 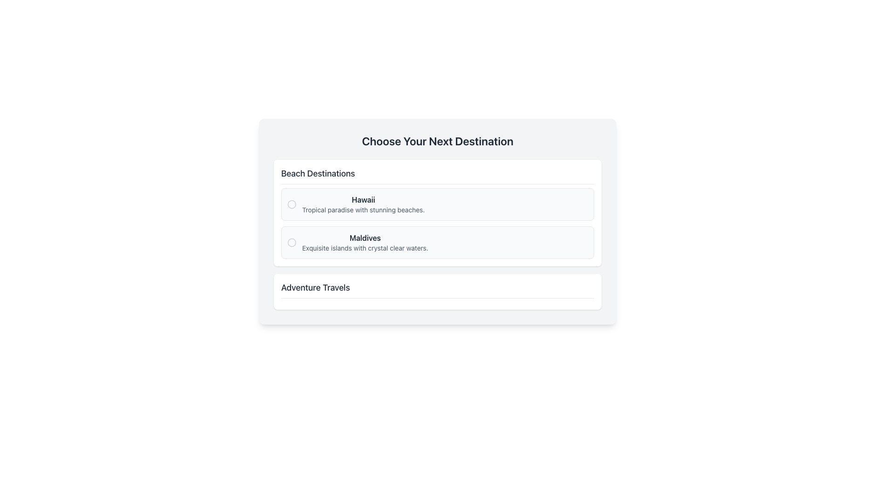 What do you see at coordinates (365, 247) in the screenshot?
I see `the descriptive text element stating 'Exquisite islands with crystal clear waters.' located beneath the title 'Maldives' in the 'Beach Destinations' section` at bounding box center [365, 247].